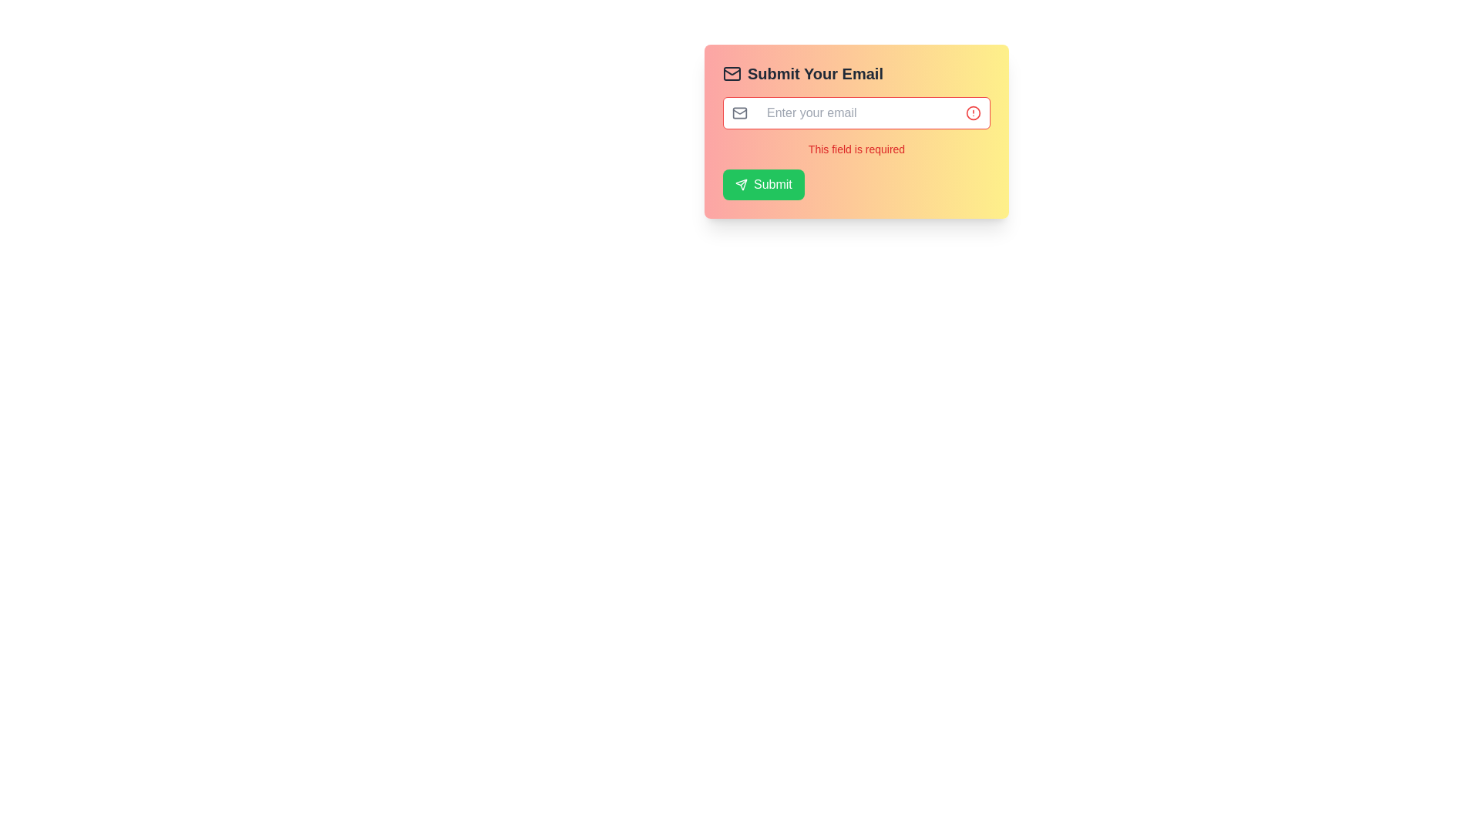  What do you see at coordinates (972, 112) in the screenshot?
I see `the error indication icon located inside the email input field, positioned on the right side of the field` at bounding box center [972, 112].